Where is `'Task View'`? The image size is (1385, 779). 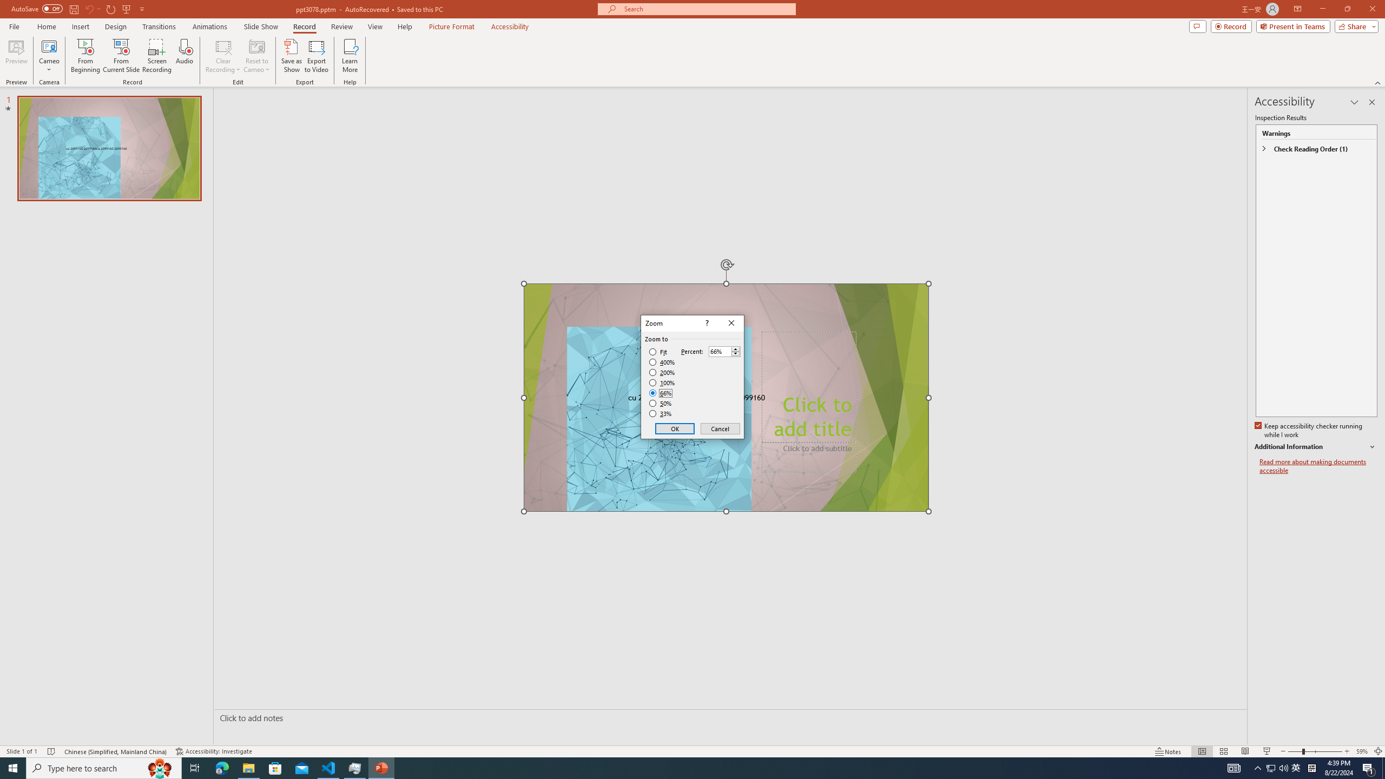 'Task View' is located at coordinates (194, 767).